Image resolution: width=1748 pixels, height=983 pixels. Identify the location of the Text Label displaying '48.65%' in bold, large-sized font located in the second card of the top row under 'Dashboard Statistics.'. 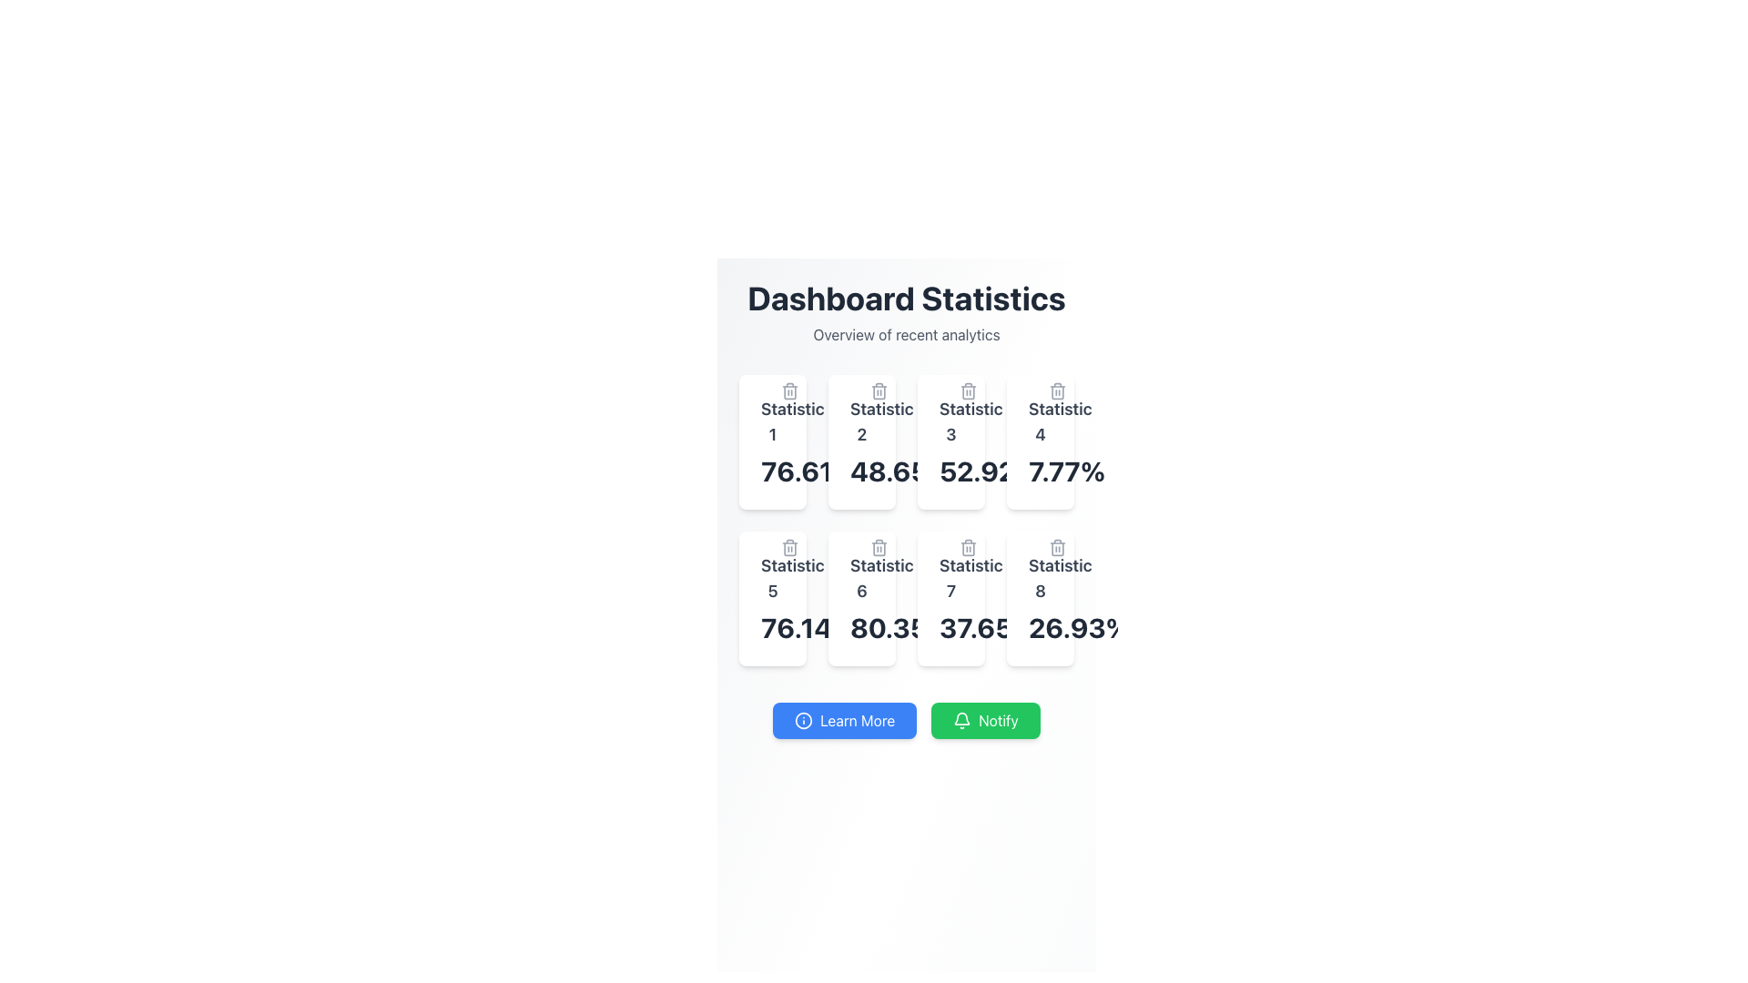
(860, 470).